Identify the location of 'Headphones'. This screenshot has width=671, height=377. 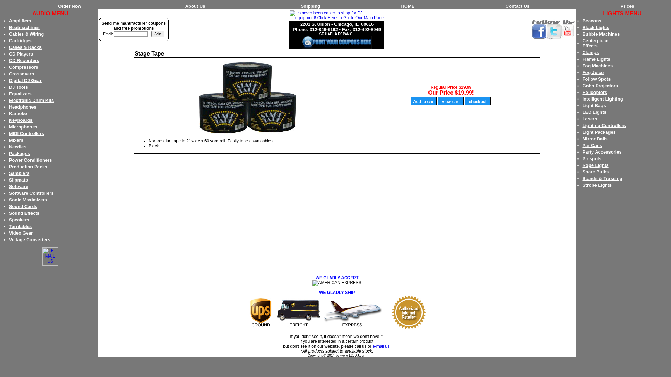
(23, 107).